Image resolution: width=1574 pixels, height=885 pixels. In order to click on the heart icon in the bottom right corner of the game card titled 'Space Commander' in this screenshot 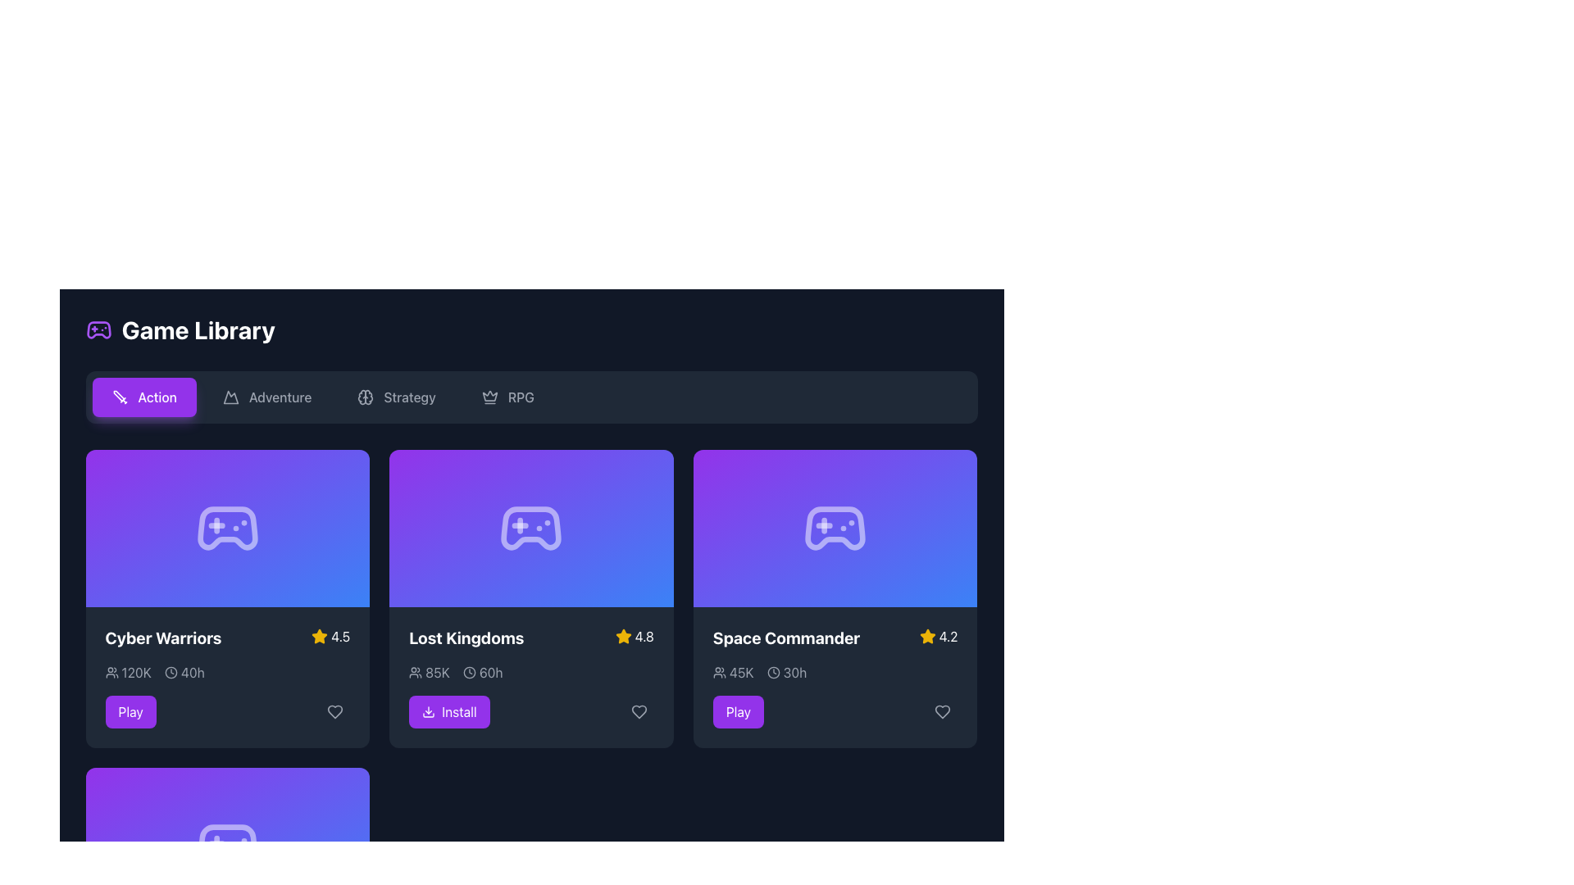, I will do `click(943, 710)`.